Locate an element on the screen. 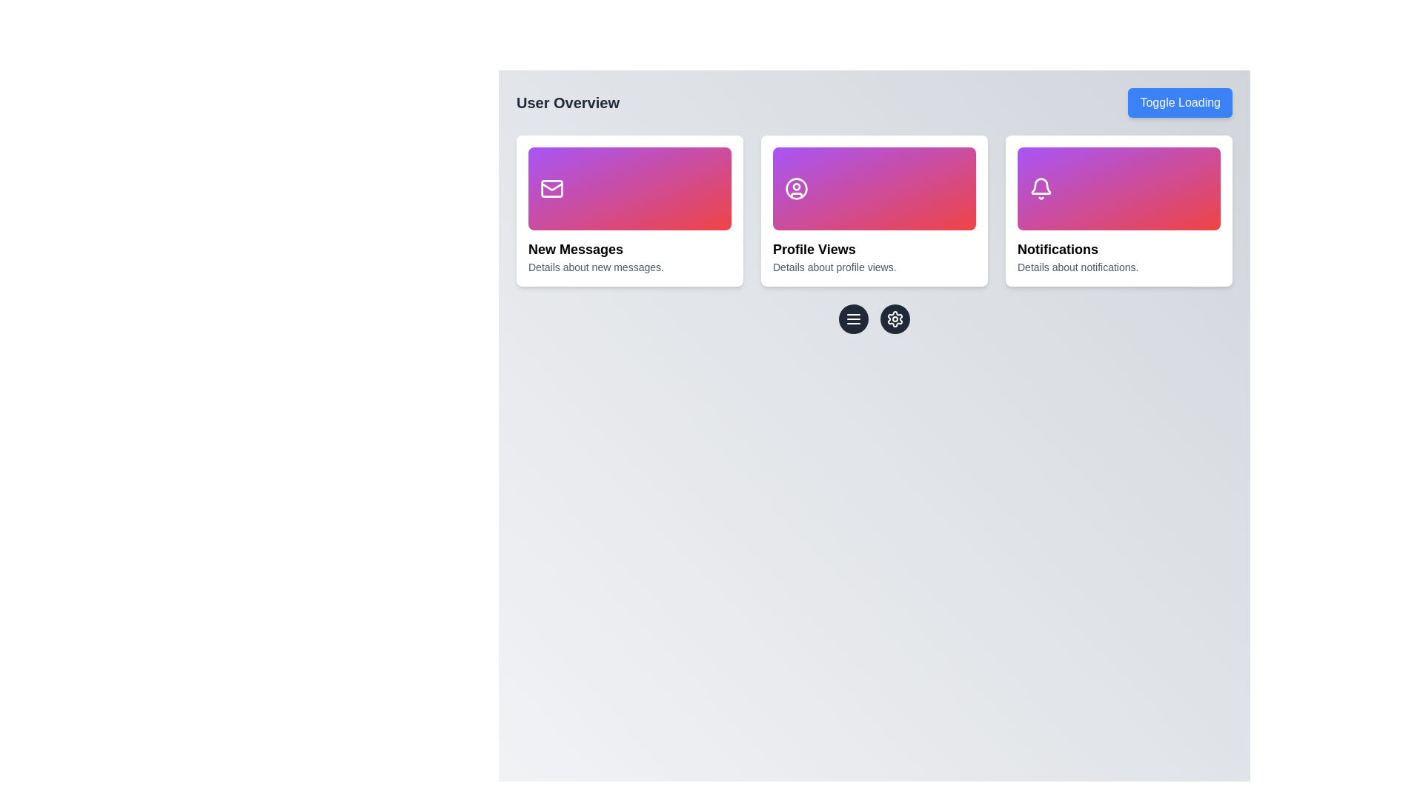  the left button of the horizontal toolbar located beneath the 'New Messages,' 'Profile Views,' and 'Notifications' sections is located at coordinates (875, 319).